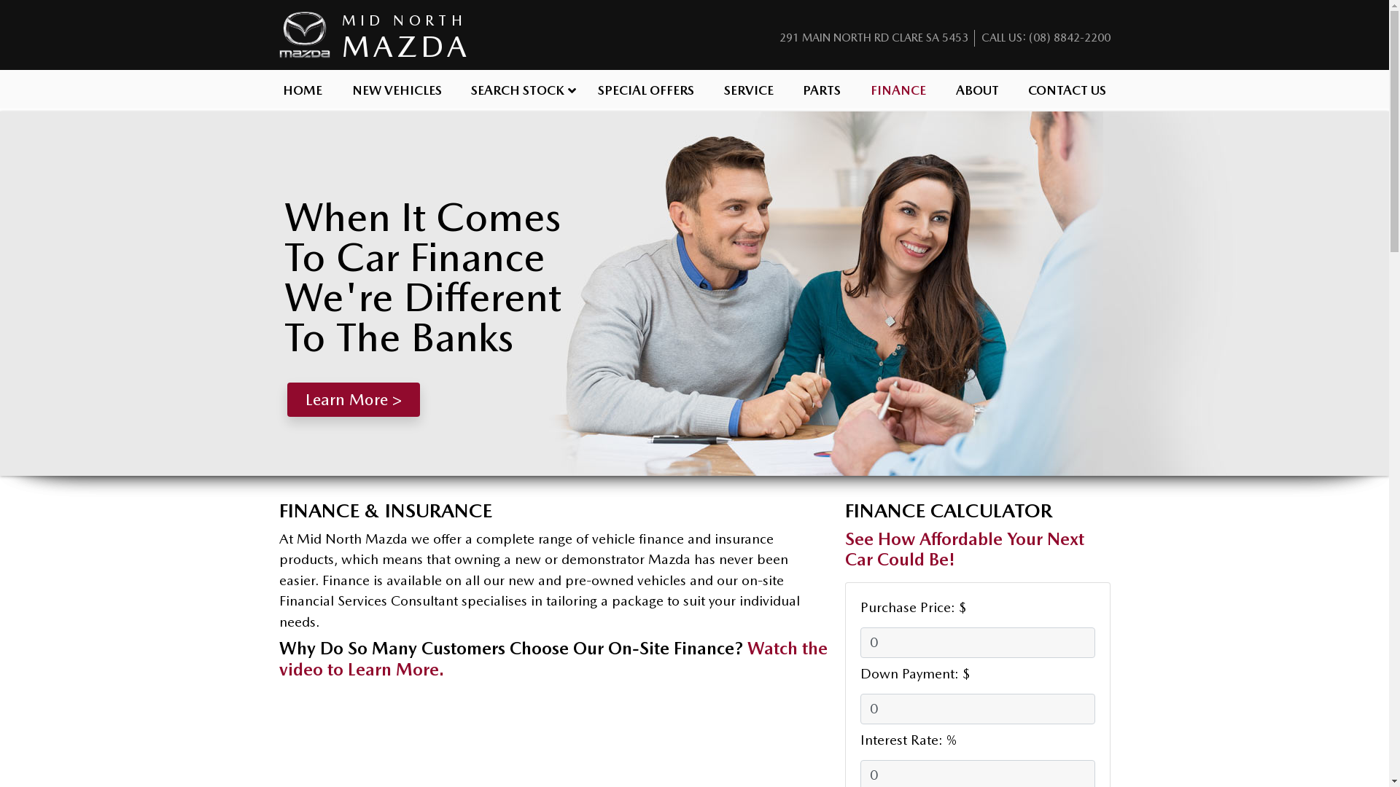 This screenshot has width=1400, height=787. Describe the element at coordinates (520, 89) in the screenshot. I see `'SEARCH STOCK'` at that location.